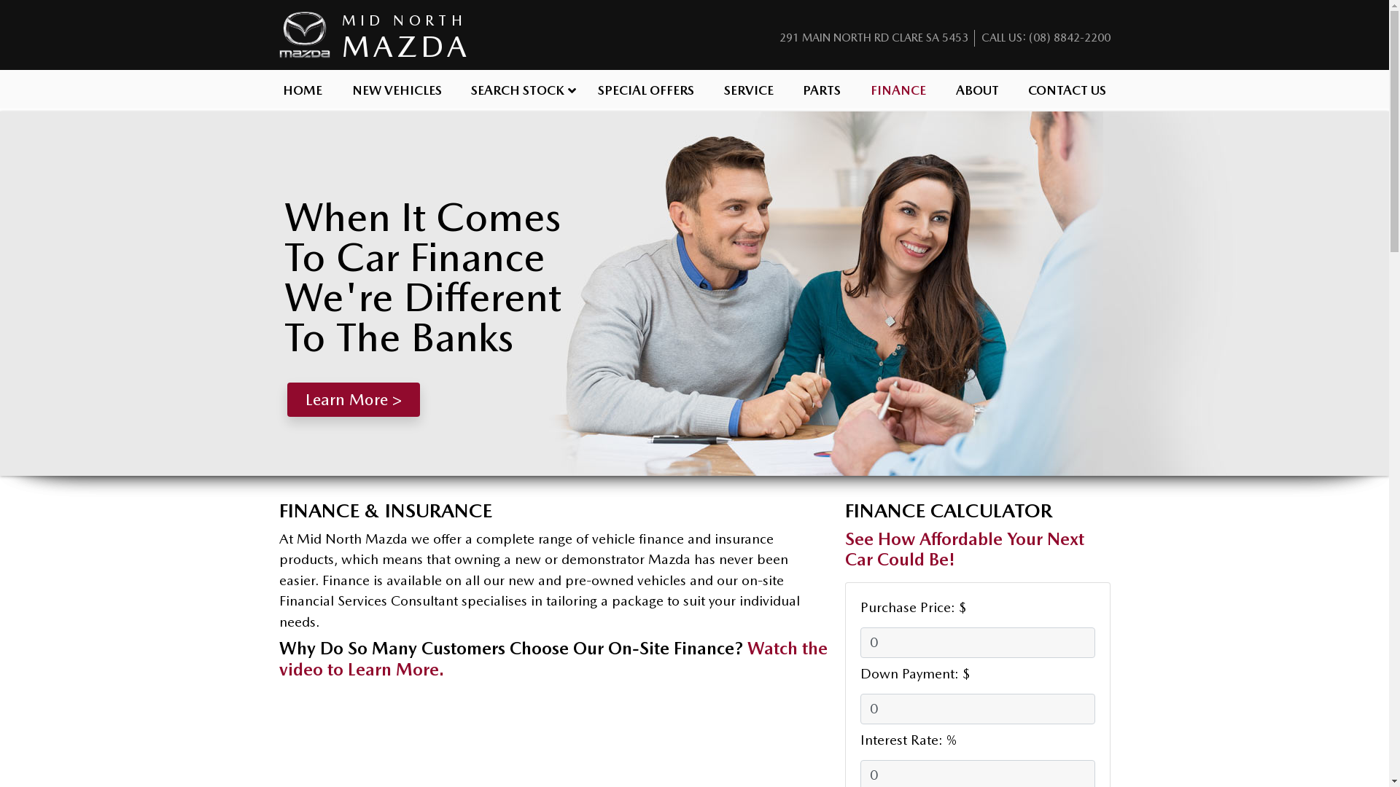 This screenshot has width=1400, height=787. Describe the element at coordinates (520, 89) in the screenshot. I see `'SEARCH STOCK'` at that location.